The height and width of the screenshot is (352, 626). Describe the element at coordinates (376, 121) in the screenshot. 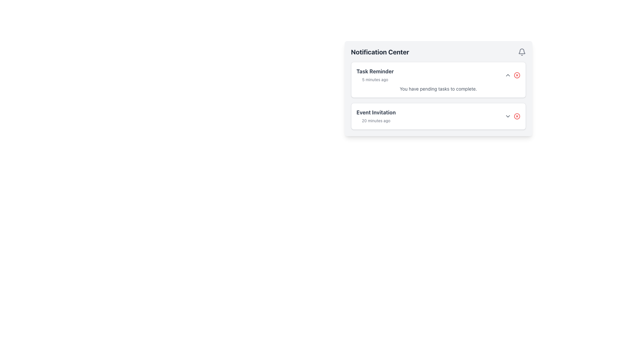

I see `the Text Label indicating the time elapsed since an event occurred, located in the Notification Center under the Event Invitation section` at that location.